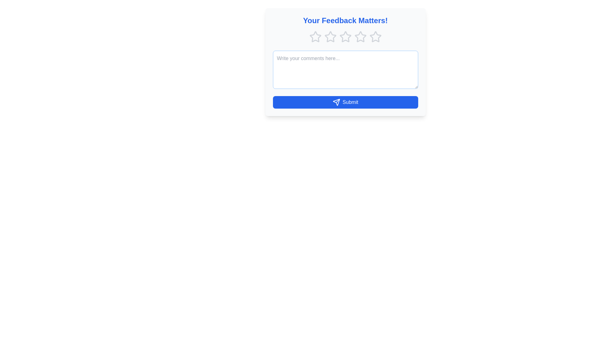 This screenshot has width=601, height=338. Describe the element at coordinates (315, 37) in the screenshot. I see `the first star-shaped rating icon, which is outlined in soft gray and part of a feedback system` at that location.